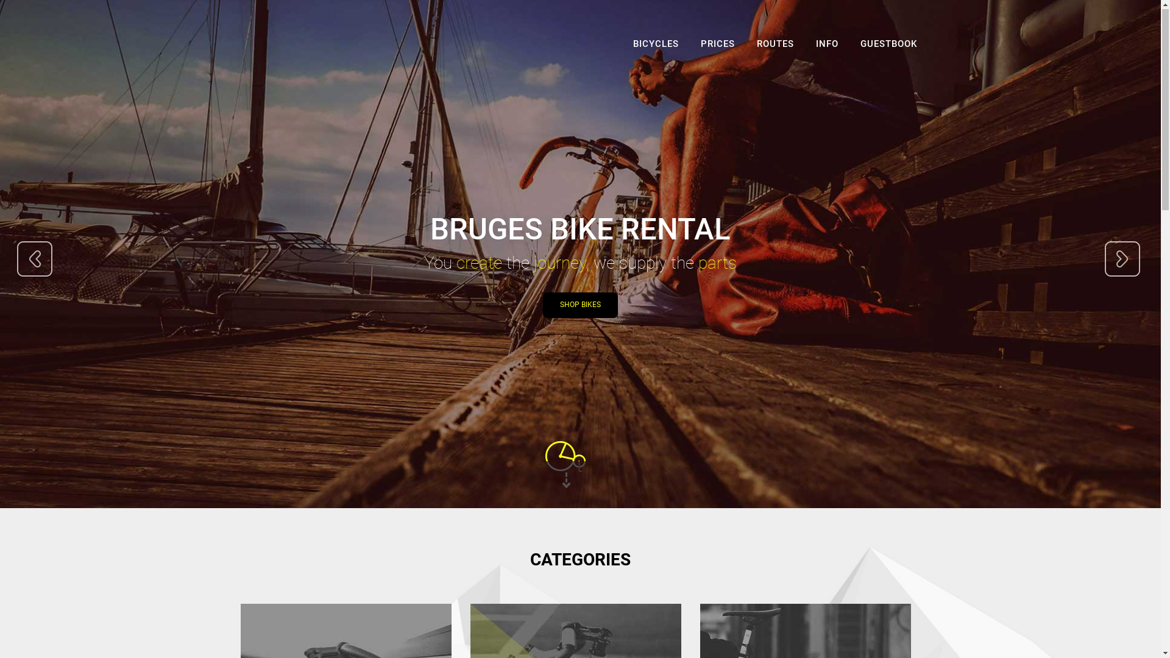 The image size is (1170, 658). What do you see at coordinates (717, 46) in the screenshot?
I see `'PRICES'` at bounding box center [717, 46].